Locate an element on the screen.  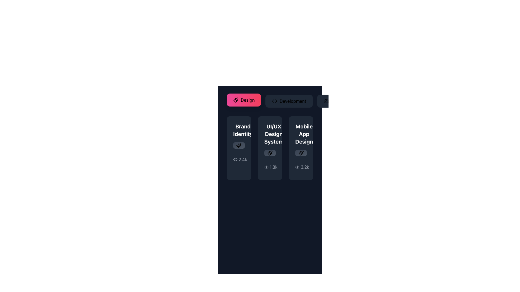
the Text and Icon Combination titled 'UI/UX Design System' located in the second column under the 'Design' category is located at coordinates (270, 134).